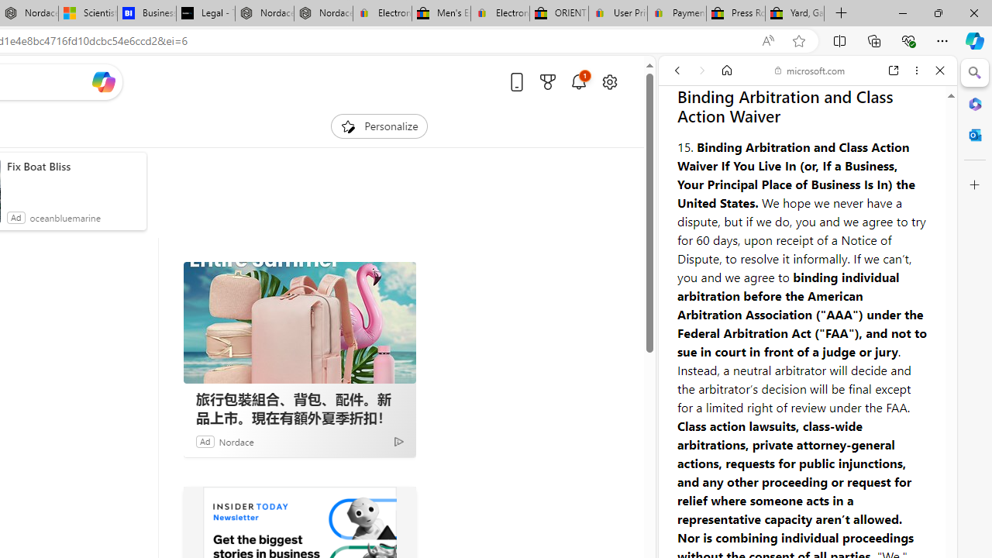 Image resolution: width=992 pixels, height=558 pixels. What do you see at coordinates (809, 71) in the screenshot?
I see `'microsoft.com'` at bounding box center [809, 71].